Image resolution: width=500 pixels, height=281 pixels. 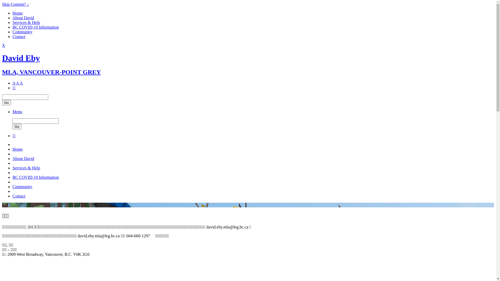 What do you see at coordinates (12, 158) in the screenshot?
I see `'About David'` at bounding box center [12, 158].